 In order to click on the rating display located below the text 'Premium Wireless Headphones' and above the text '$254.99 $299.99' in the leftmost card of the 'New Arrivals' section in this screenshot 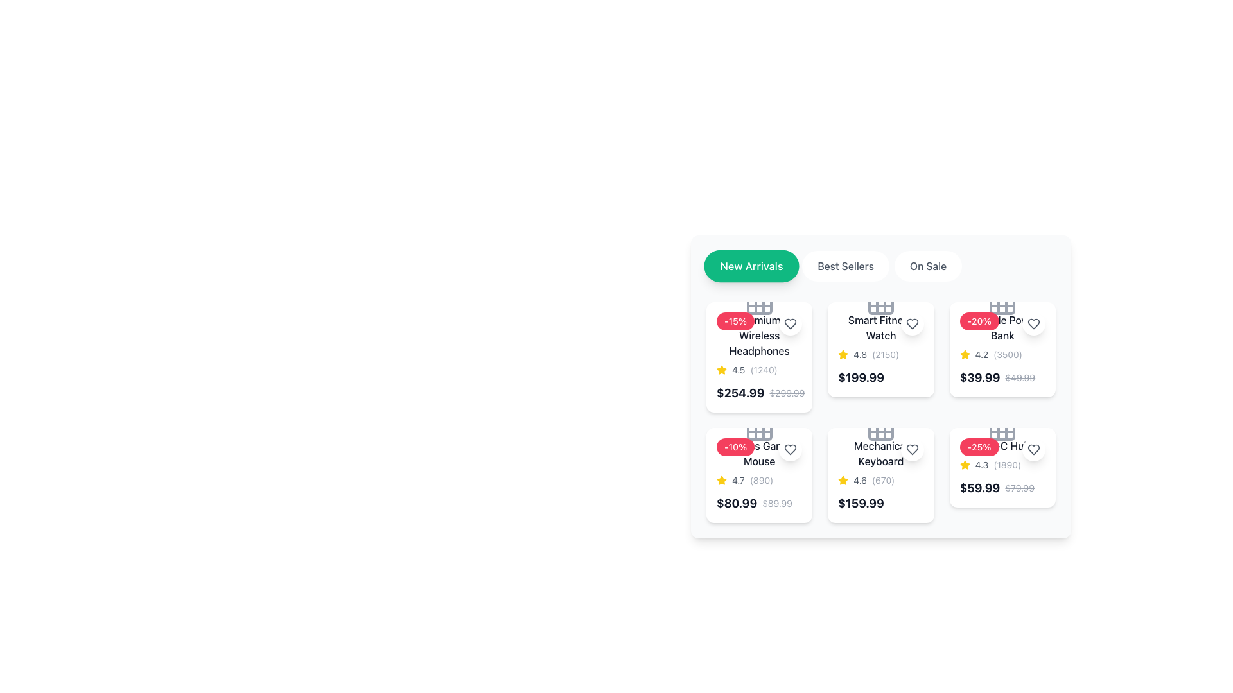, I will do `click(759, 370)`.